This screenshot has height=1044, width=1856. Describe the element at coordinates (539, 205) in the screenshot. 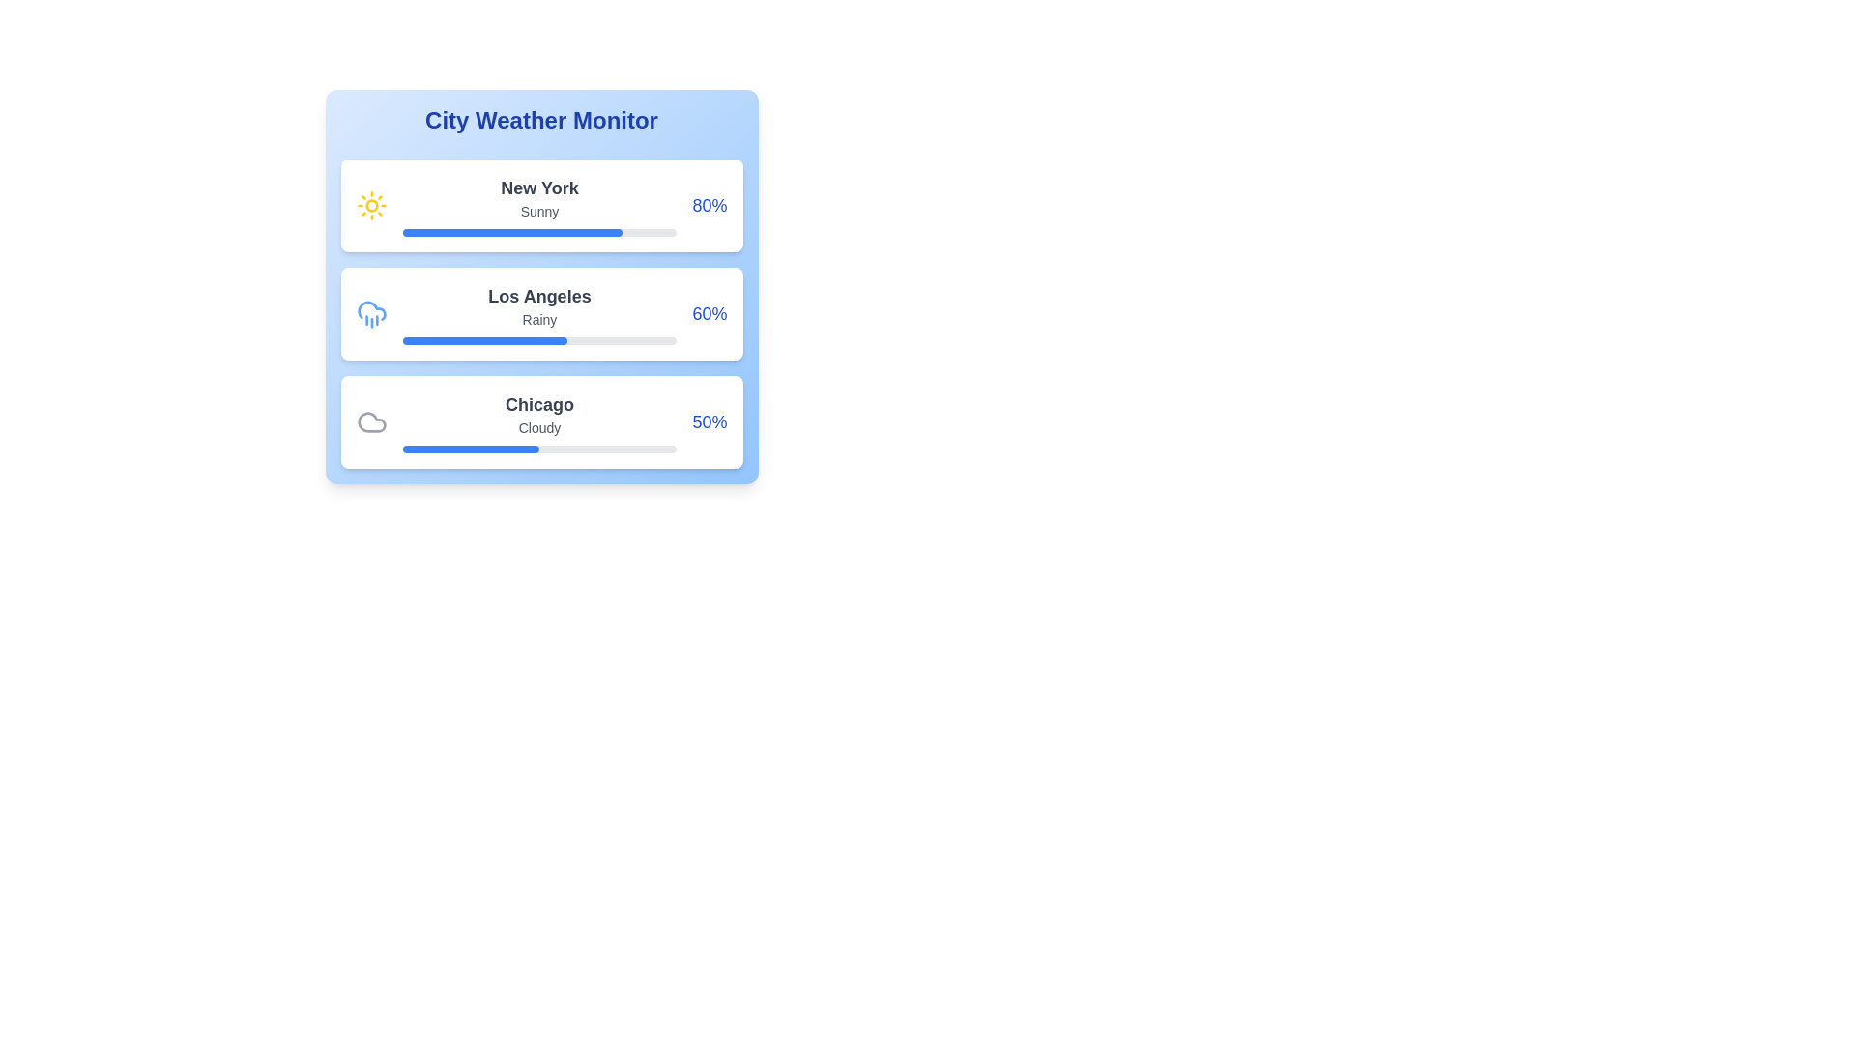

I see `weather data displayed in the block titled 'New York', which indicates the weather condition as 'Sunny' and shows an 80% completion progress bar` at that location.